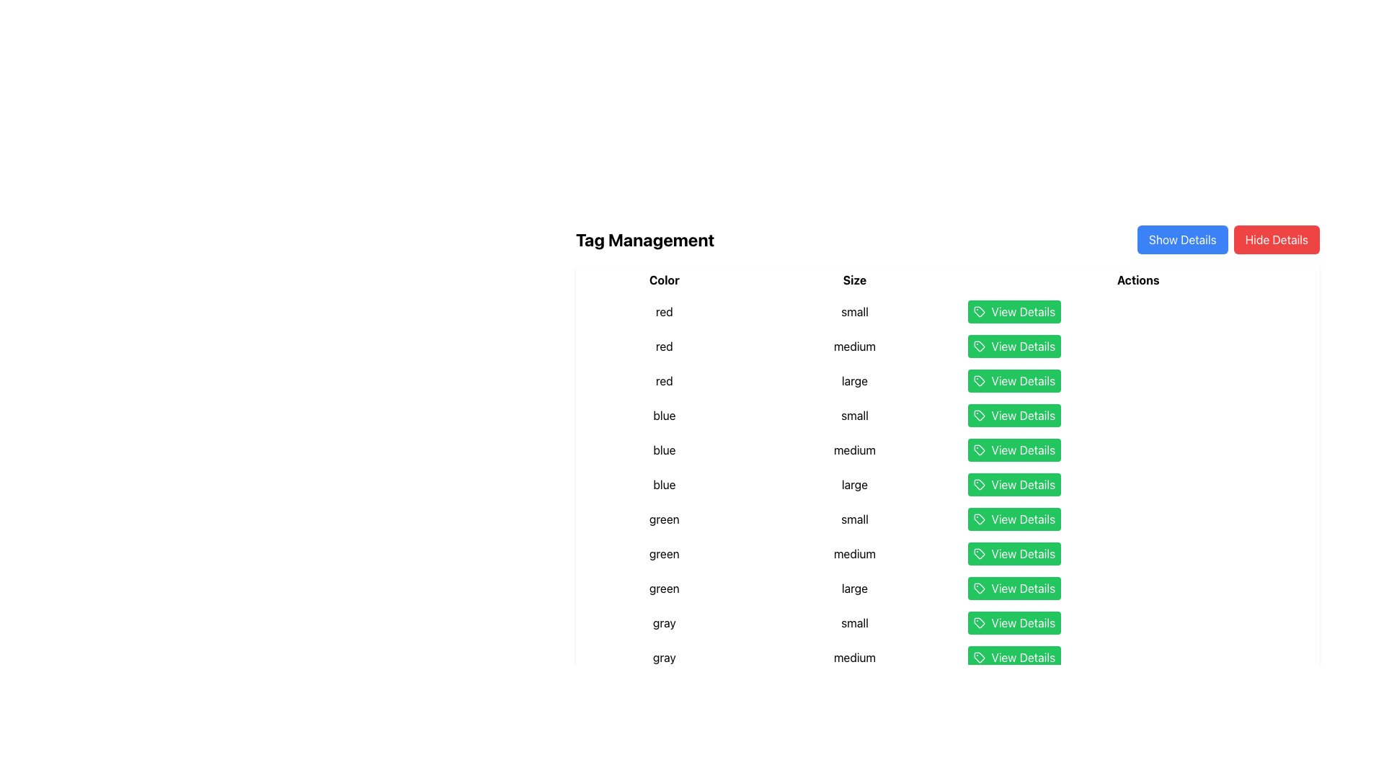  What do you see at coordinates (979, 346) in the screenshot?
I see `the green rectangular button labeled 'View Details' that contains the tag icon on its left side to interact with the tagging functionality` at bounding box center [979, 346].